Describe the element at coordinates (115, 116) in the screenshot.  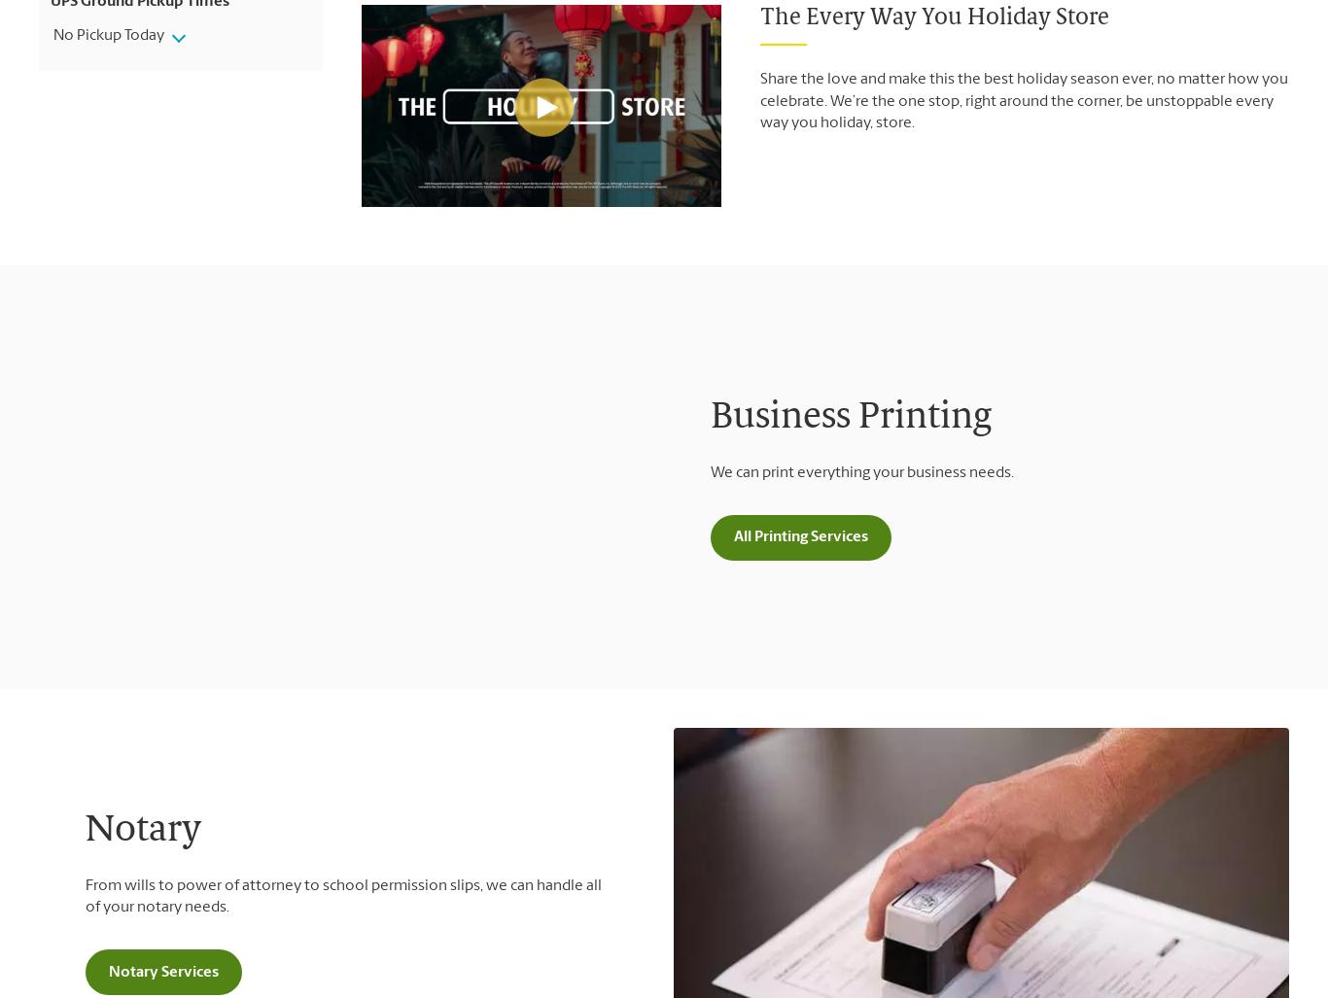
I see `'Read More'` at that location.